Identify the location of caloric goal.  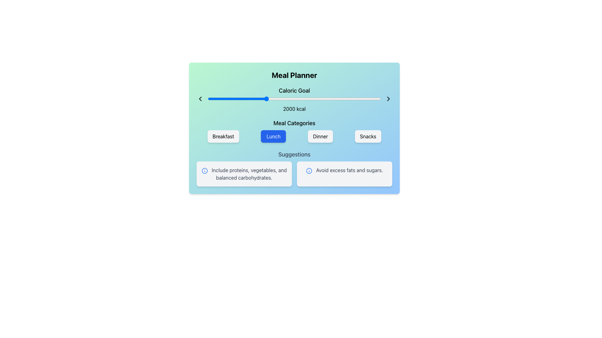
(313, 99).